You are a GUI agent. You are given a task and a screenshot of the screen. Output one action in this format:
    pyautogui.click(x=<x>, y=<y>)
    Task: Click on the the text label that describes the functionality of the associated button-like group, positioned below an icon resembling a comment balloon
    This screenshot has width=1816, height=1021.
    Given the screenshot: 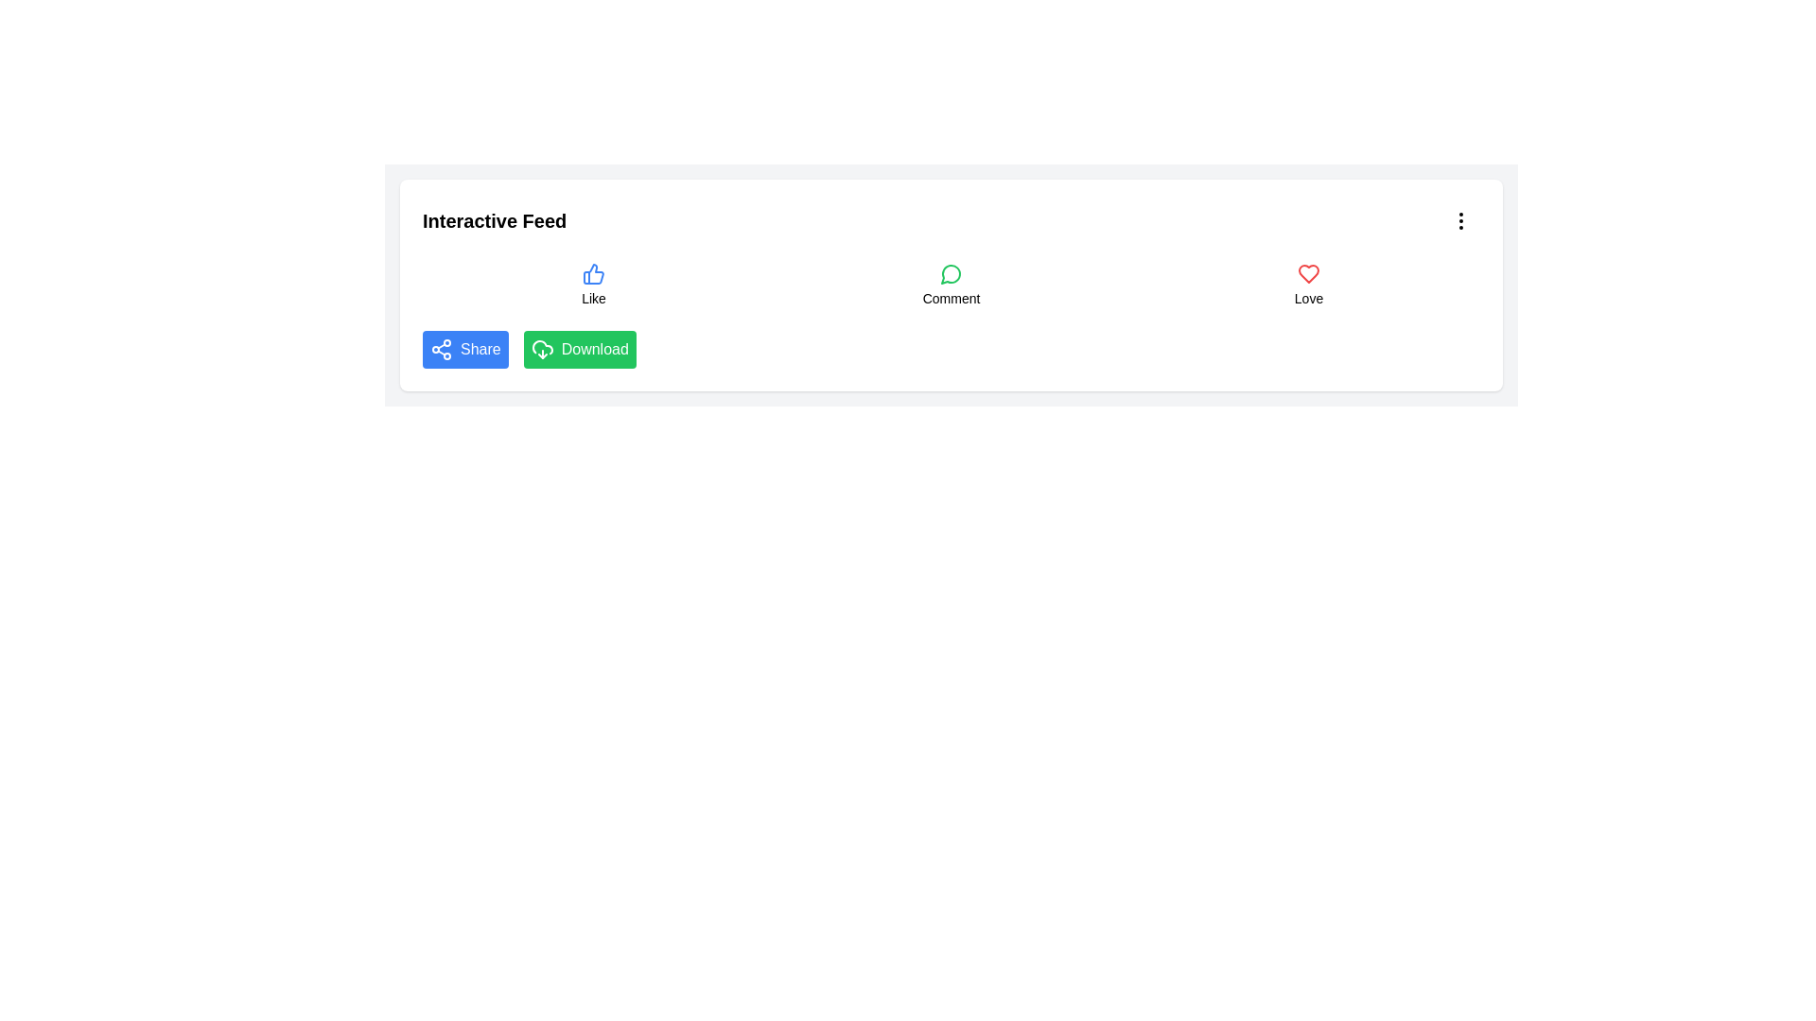 What is the action you would take?
    pyautogui.click(x=952, y=298)
    